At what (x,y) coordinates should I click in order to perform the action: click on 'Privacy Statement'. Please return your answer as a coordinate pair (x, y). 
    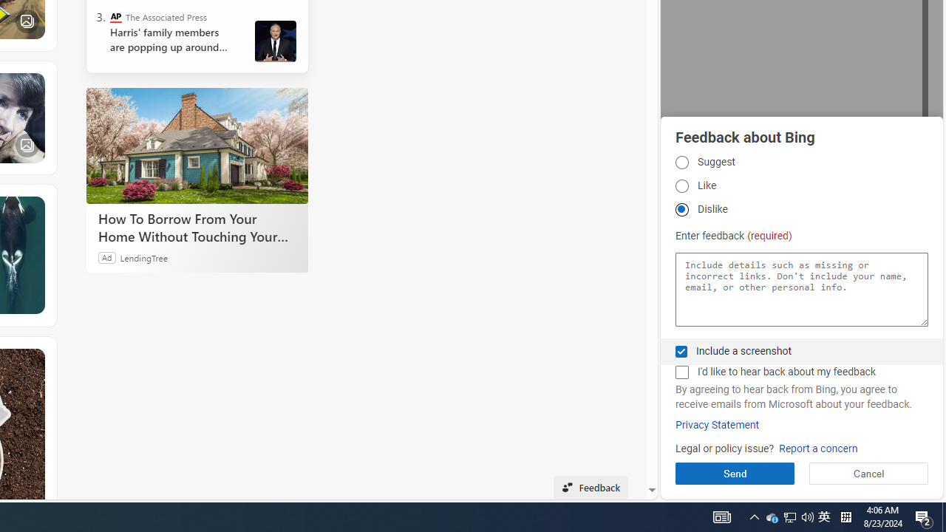
    Looking at the image, I should click on (717, 425).